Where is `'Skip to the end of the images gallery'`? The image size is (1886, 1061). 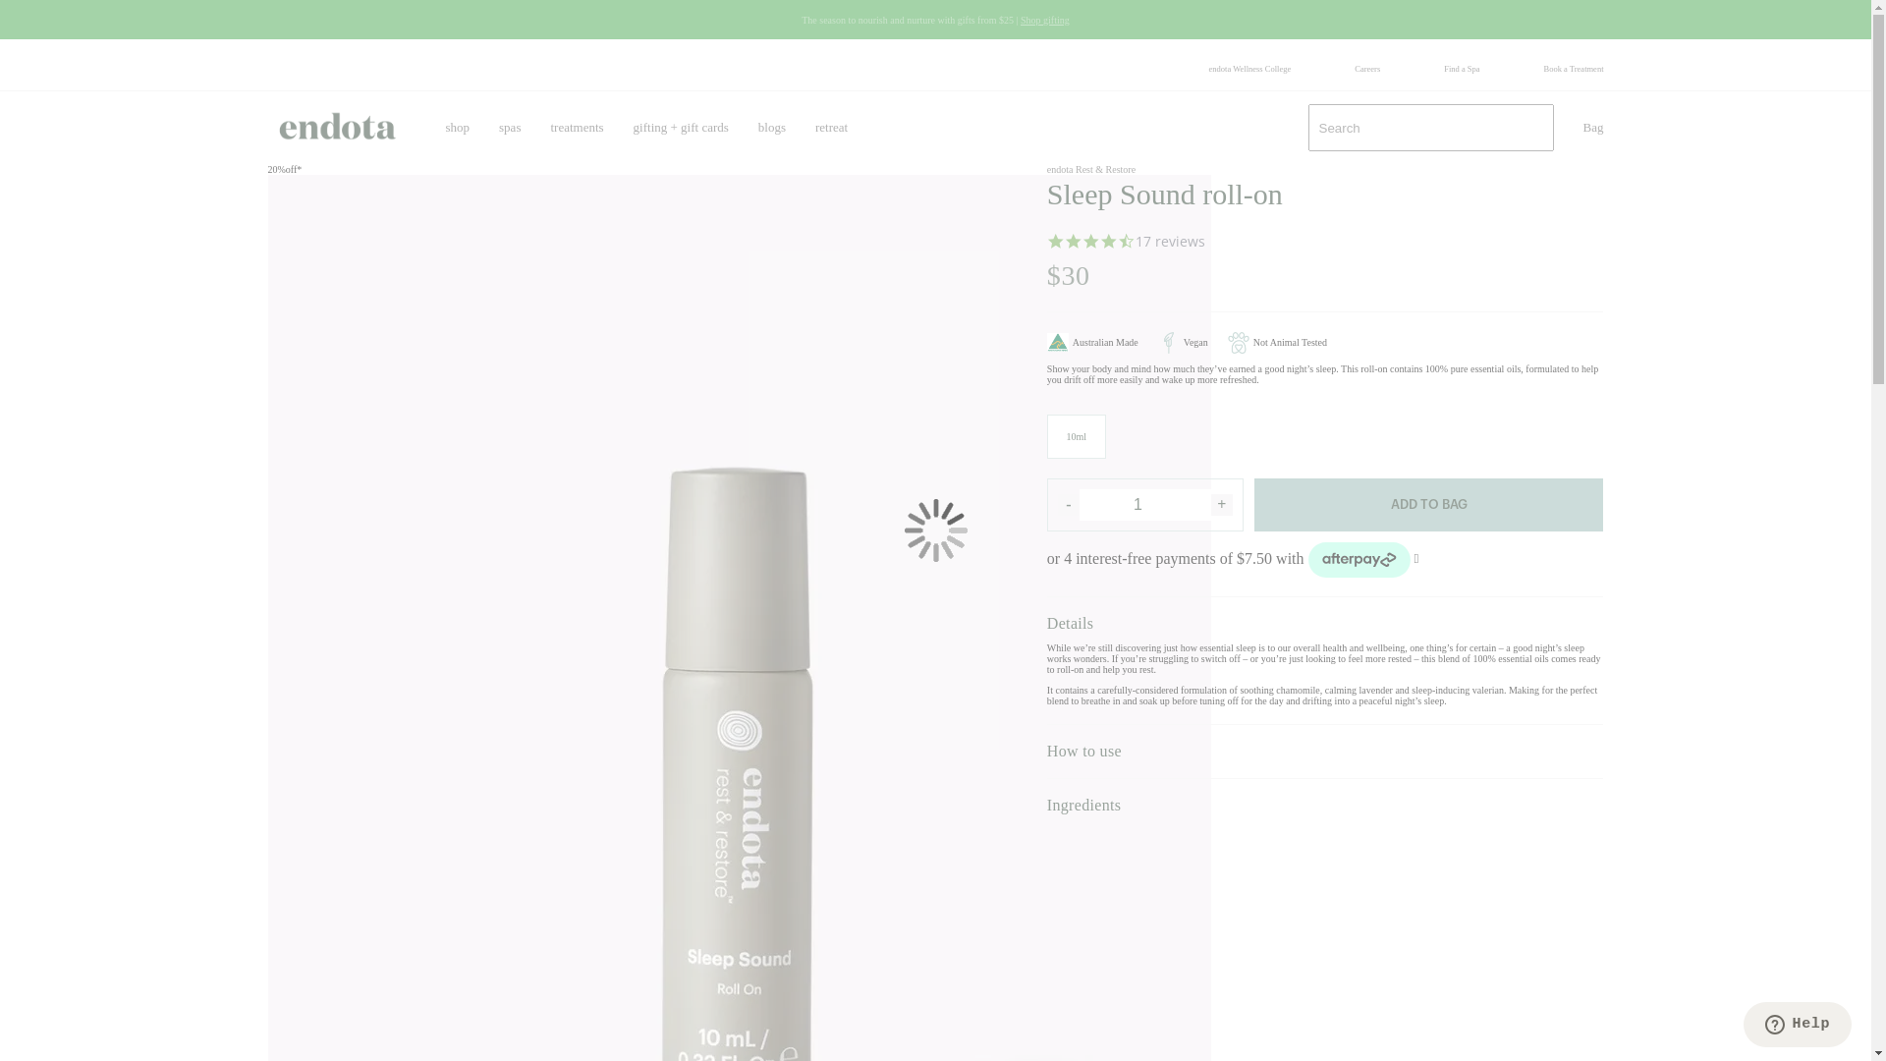 'Skip to the end of the images gallery' is located at coordinates (266, 162).